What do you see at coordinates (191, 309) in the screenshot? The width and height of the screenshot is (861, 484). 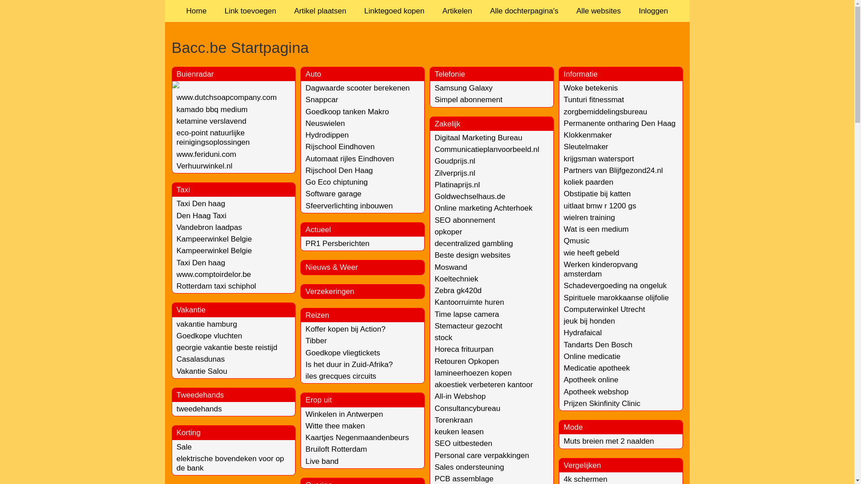 I see `'Vakantie'` at bounding box center [191, 309].